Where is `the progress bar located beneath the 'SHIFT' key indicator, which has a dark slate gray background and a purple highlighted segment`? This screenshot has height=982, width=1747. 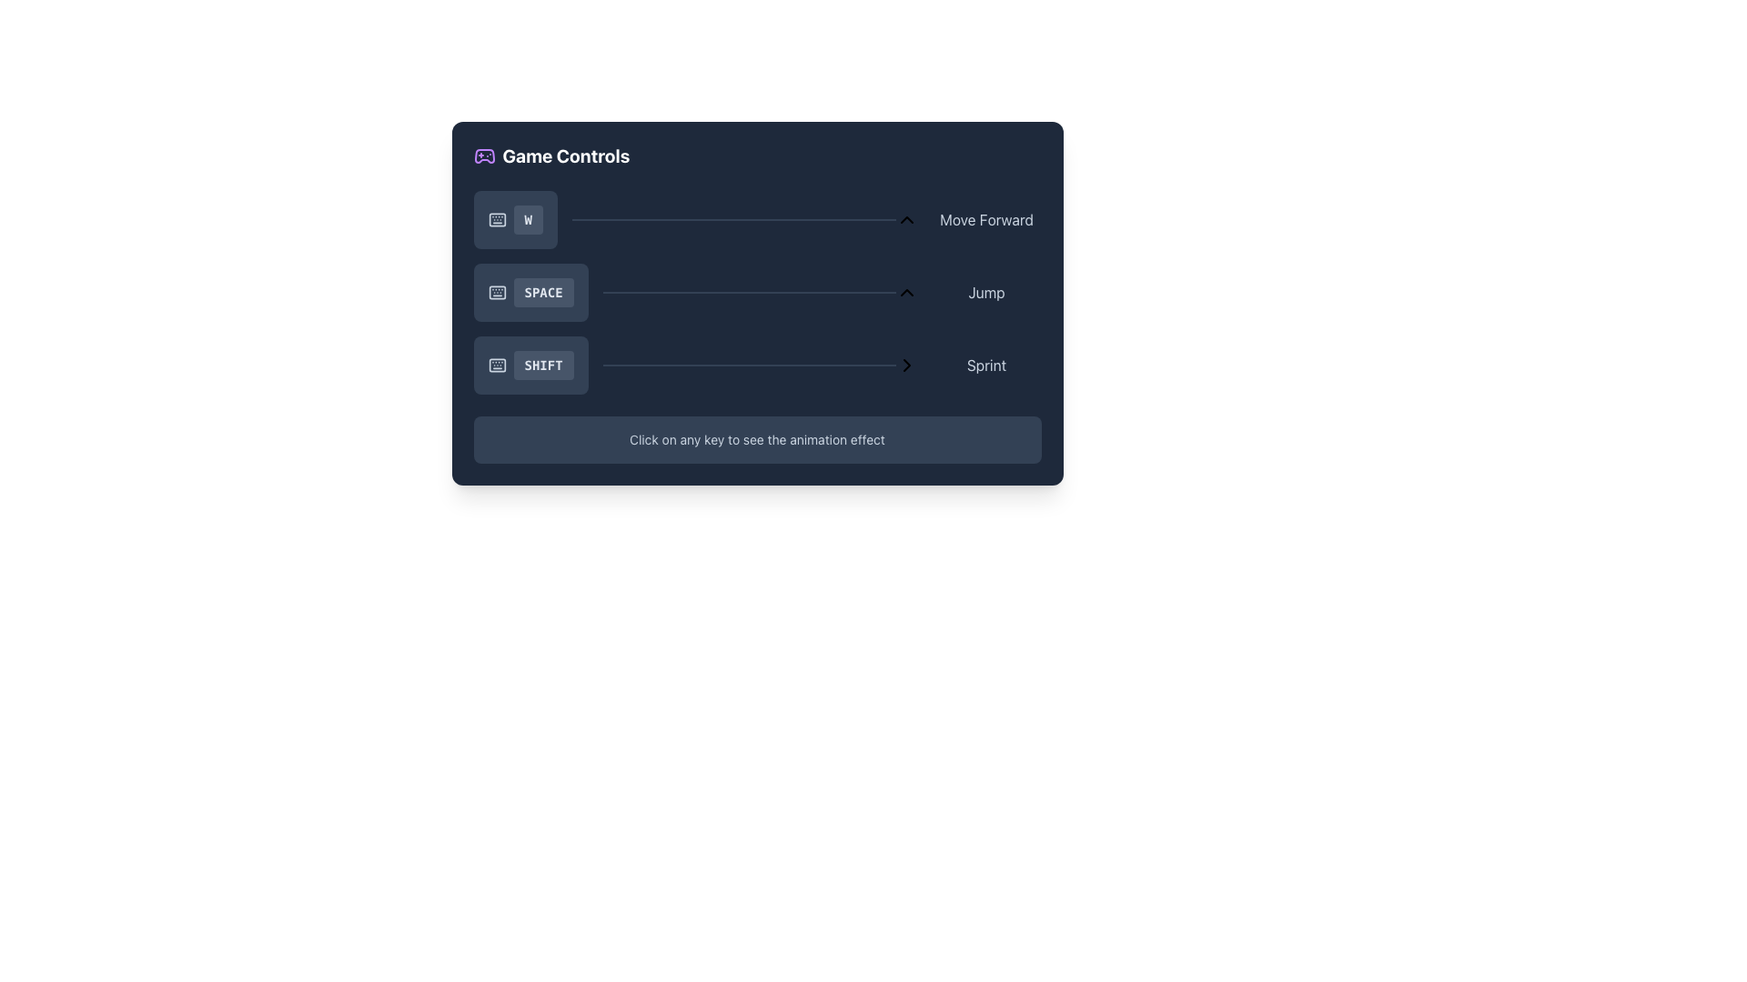
the progress bar located beneath the 'SHIFT' key indicator, which has a dark slate gray background and a purple highlighted segment is located at coordinates (749, 365).